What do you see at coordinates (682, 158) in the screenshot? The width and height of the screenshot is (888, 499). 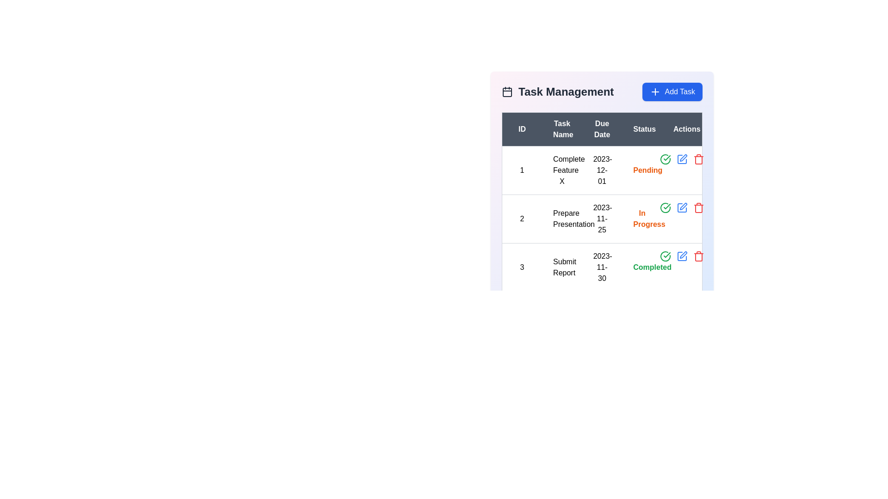 I see `the 'Edit' icon button in the 'Actions' column of the third row to initiate editing for the task 'Submit Report'` at bounding box center [682, 158].